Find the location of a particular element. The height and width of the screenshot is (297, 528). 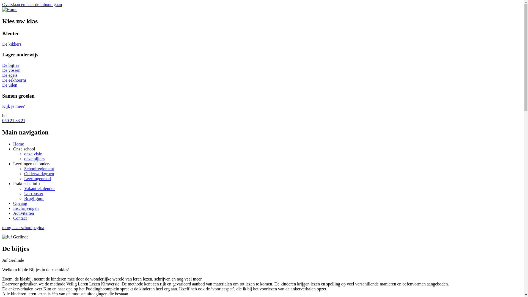

'050 21 33 21' is located at coordinates (13, 120).